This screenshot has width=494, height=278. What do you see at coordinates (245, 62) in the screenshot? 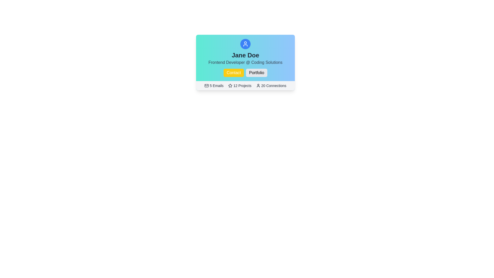
I see `the static text label that displays the professional role and affiliation of the individual, located below the title 'Jane Doe' and above the buttons` at bounding box center [245, 62].